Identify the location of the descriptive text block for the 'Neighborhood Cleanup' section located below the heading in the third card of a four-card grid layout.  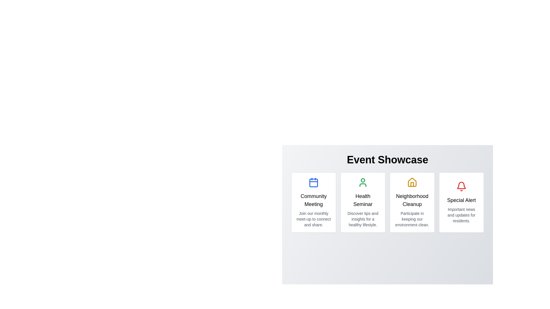
(412, 219).